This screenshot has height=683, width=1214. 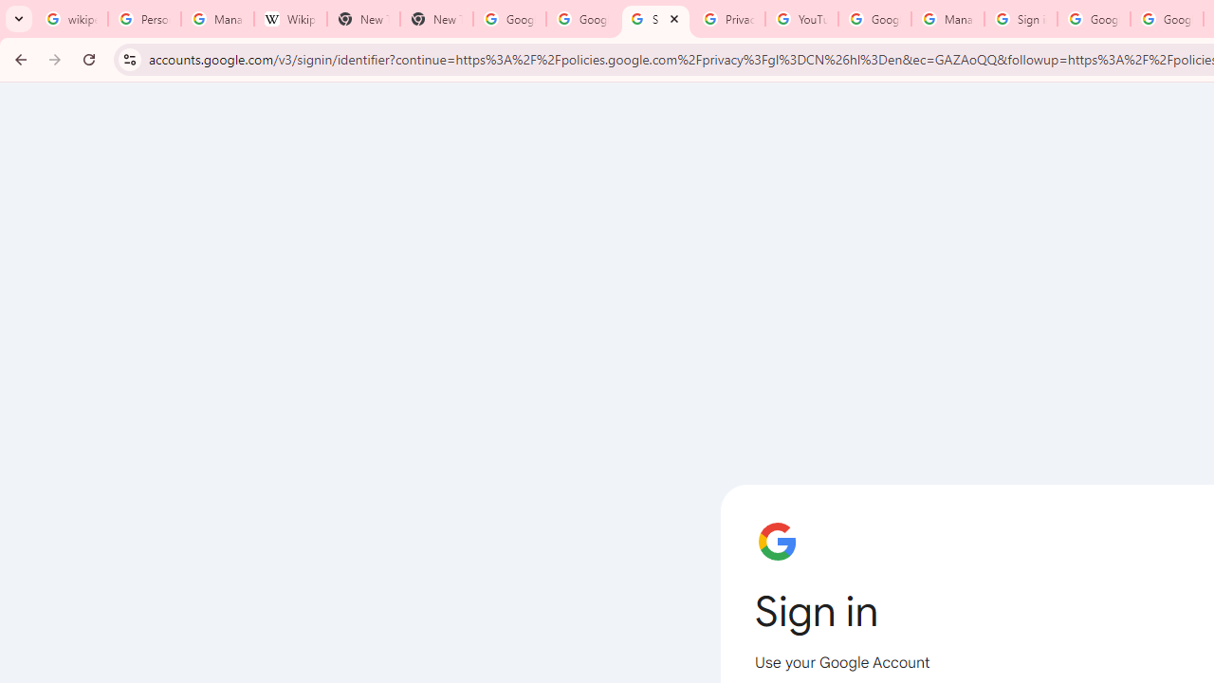 What do you see at coordinates (581, 19) in the screenshot?
I see `'Google Drive: Sign-in'` at bounding box center [581, 19].